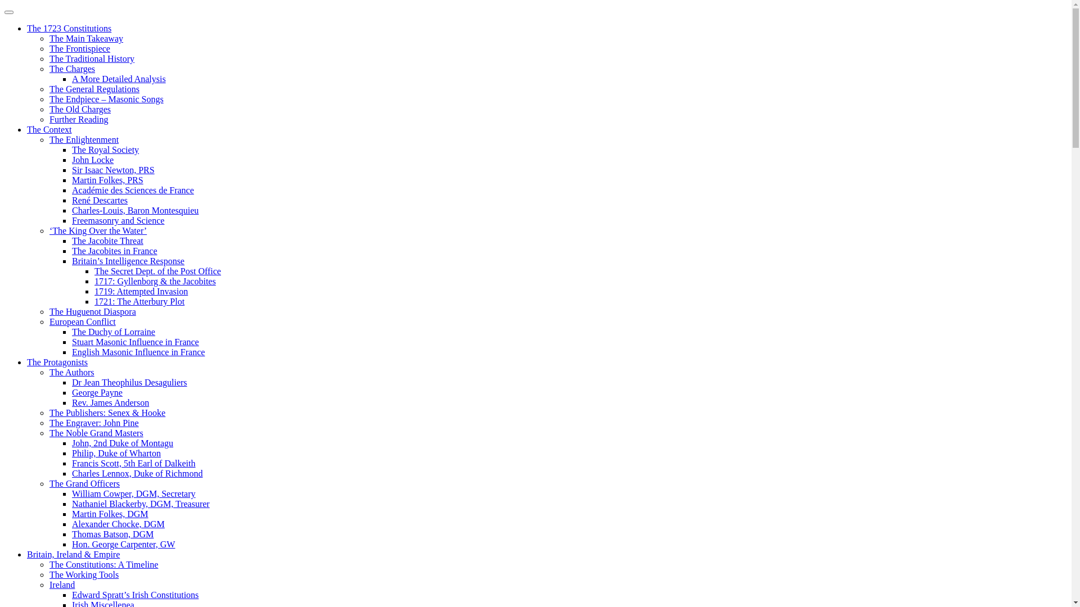  What do you see at coordinates (135, 210) in the screenshot?
I see `'Charles-Louis, Baron Montesquieu'` at bounding box center [135, 210].